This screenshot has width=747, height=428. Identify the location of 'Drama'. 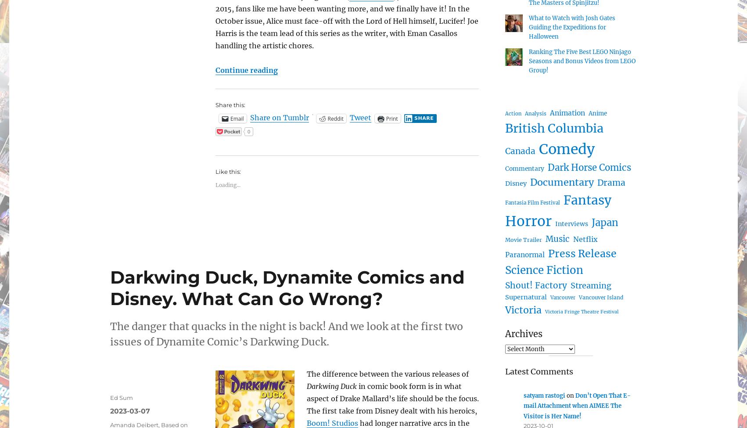
(611, 183).